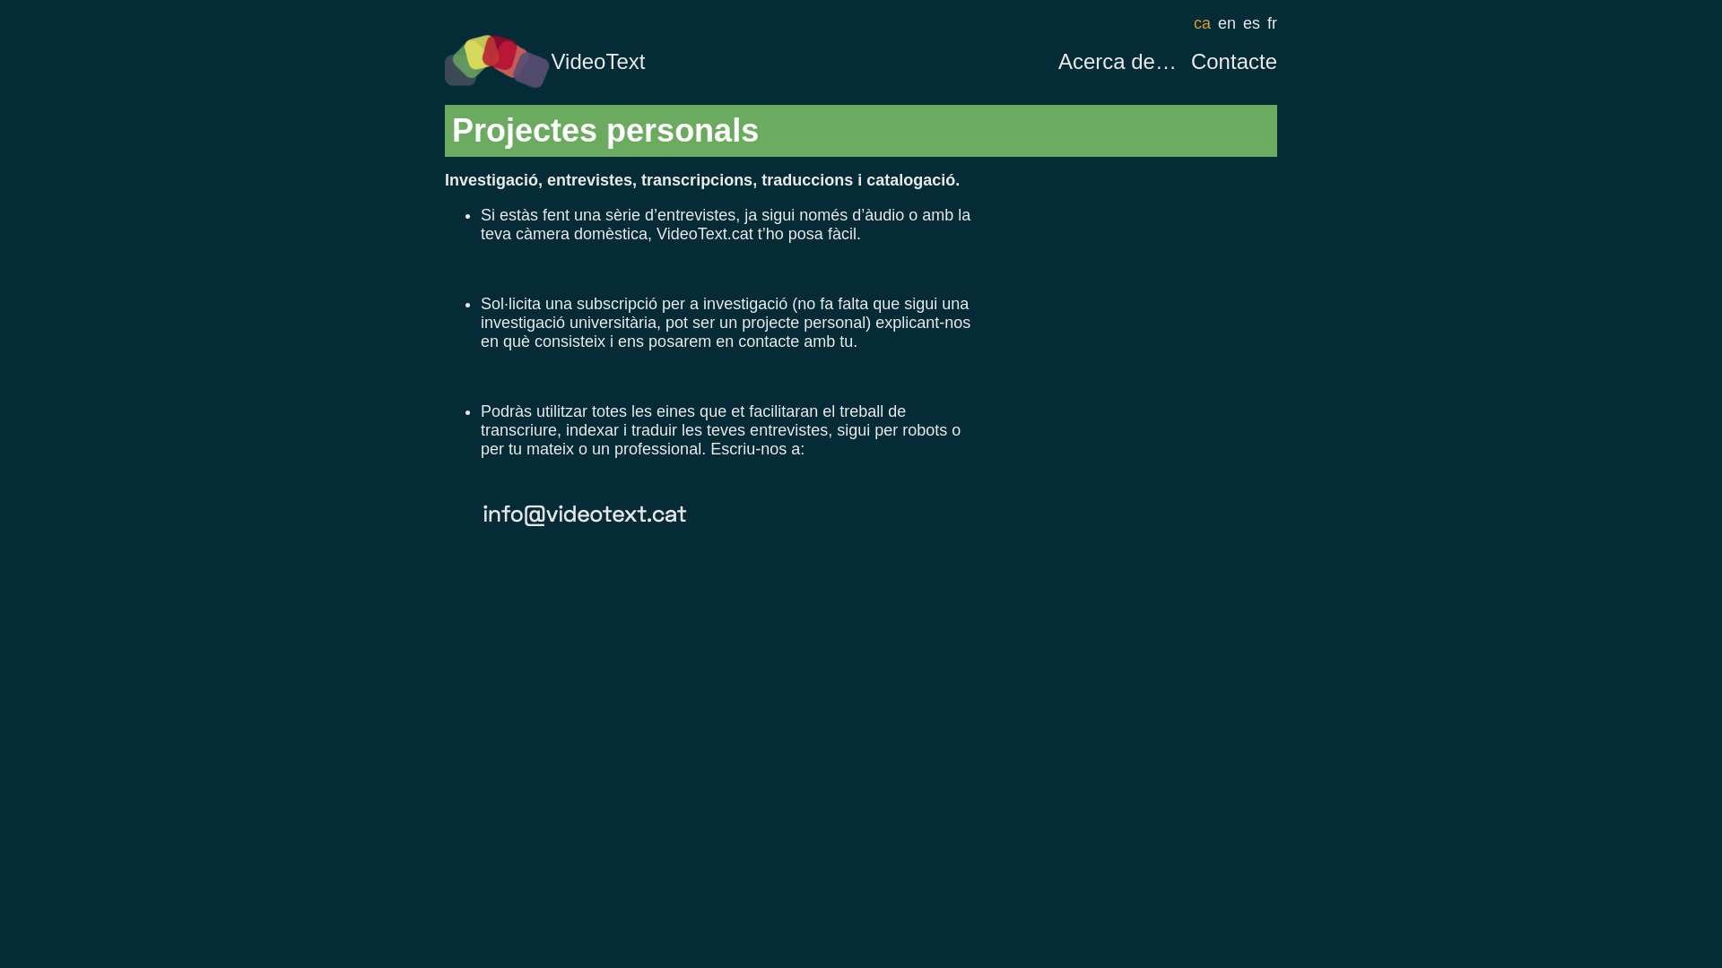 The height and width of the screenshot is (968, 1722). Describe the element at coordinates (1226, 23) in the screenshot. I see `'en'` at that location.